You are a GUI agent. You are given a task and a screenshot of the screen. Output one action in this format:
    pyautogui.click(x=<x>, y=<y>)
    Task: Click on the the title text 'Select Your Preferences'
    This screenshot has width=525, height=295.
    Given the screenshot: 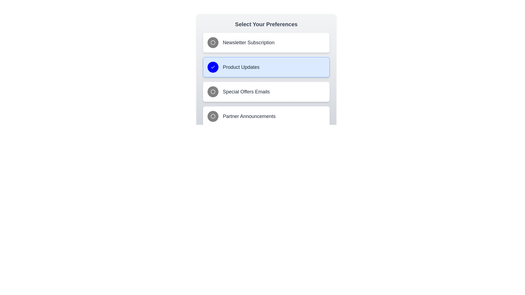 What is the action you would take?
    pyautogui.click(x=266, y=24)
    